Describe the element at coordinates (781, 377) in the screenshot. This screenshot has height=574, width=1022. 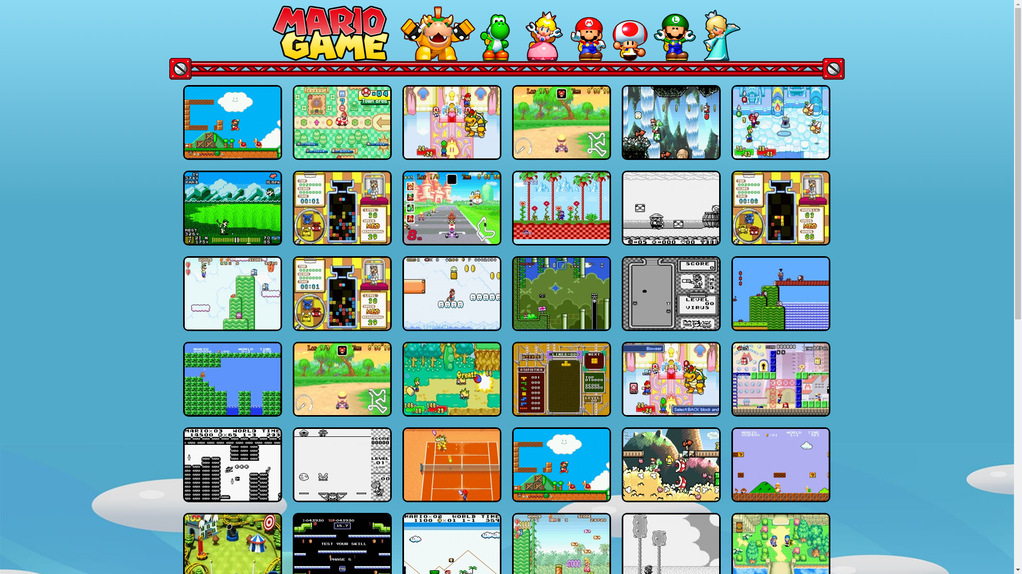
I see `'Mario vs Donkey Kong'` at that location.